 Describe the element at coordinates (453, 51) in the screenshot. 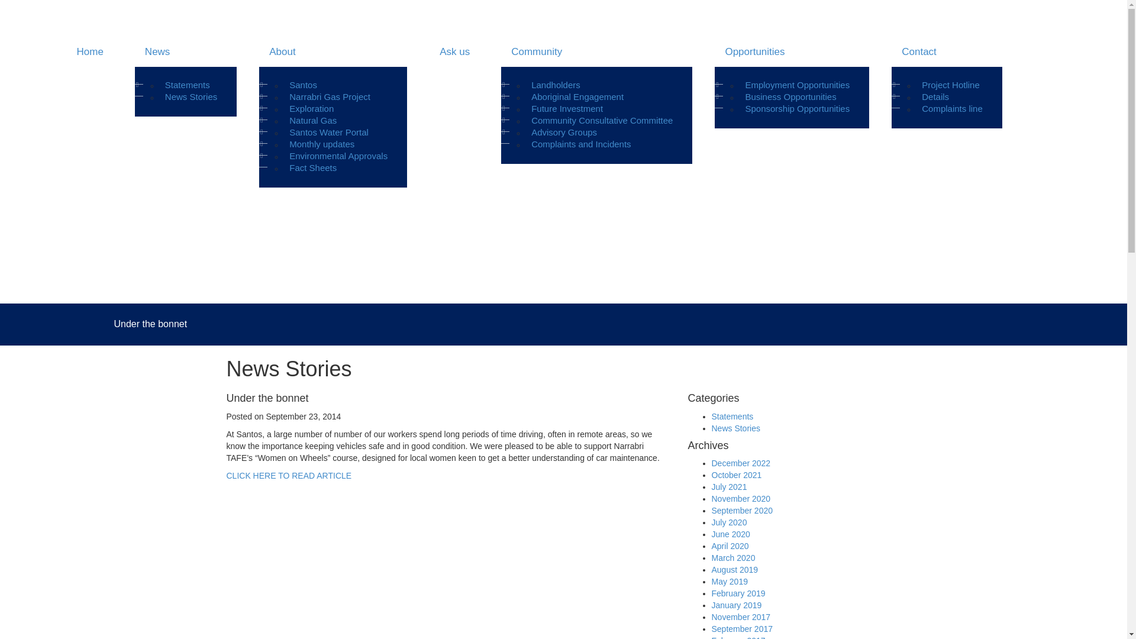

I see `'Ask us'` at that location.